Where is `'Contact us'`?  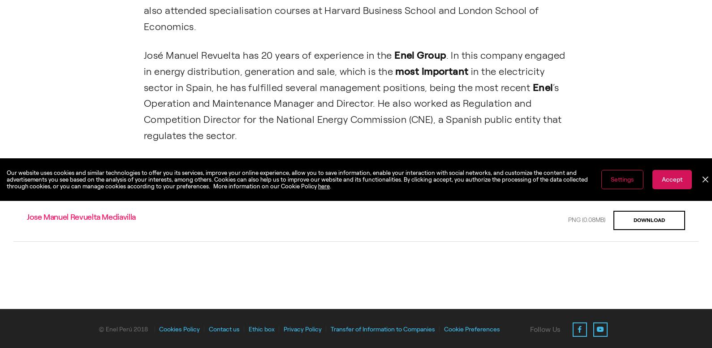
'Contact us' is located at coordinates (208, 328).